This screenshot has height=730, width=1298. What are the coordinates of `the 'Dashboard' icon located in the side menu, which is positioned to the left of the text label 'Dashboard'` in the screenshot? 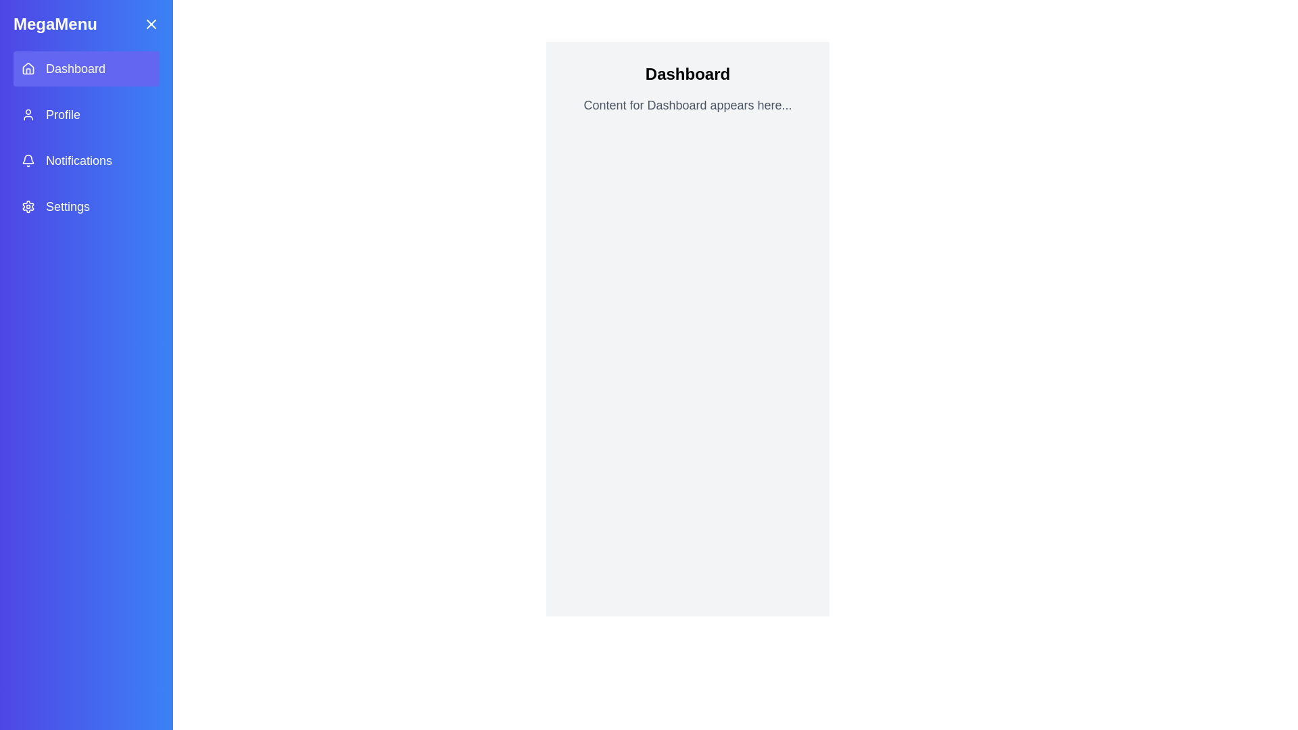 It's located at (28, 68).